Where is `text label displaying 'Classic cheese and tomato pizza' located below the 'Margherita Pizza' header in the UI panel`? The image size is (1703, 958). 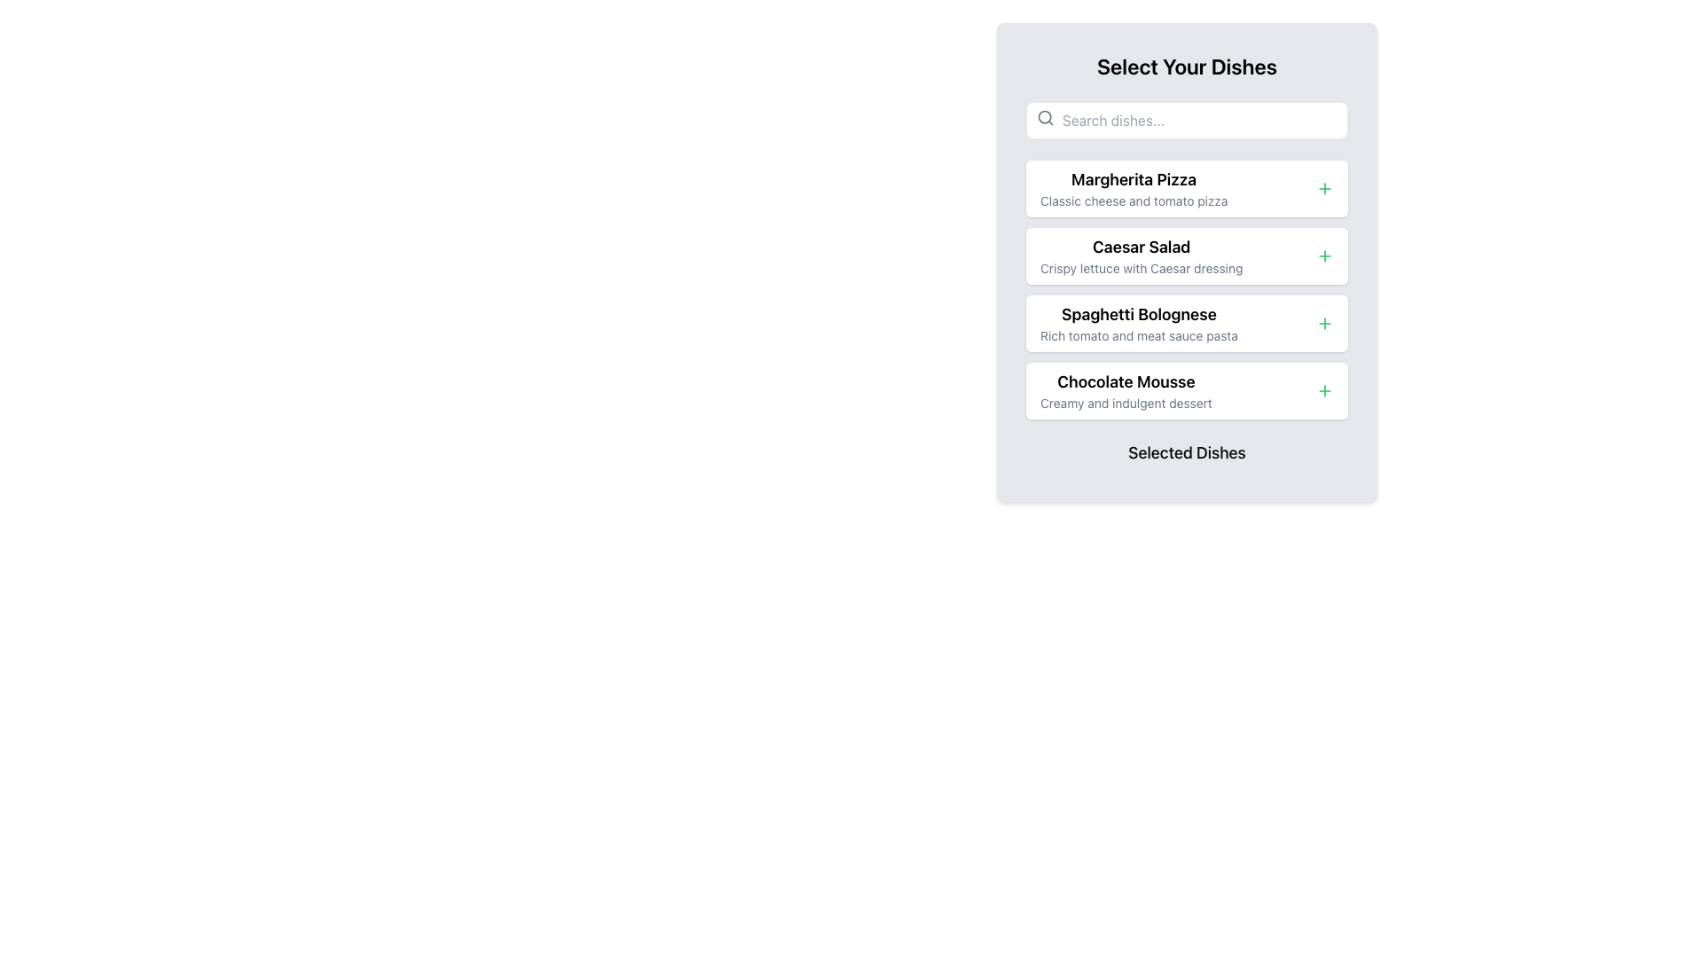
text label displaying 'Classic cheese and tomato pizza' located below the 'Margherita Pizza' header in the UI panel is located at coordinates (1133, 200).